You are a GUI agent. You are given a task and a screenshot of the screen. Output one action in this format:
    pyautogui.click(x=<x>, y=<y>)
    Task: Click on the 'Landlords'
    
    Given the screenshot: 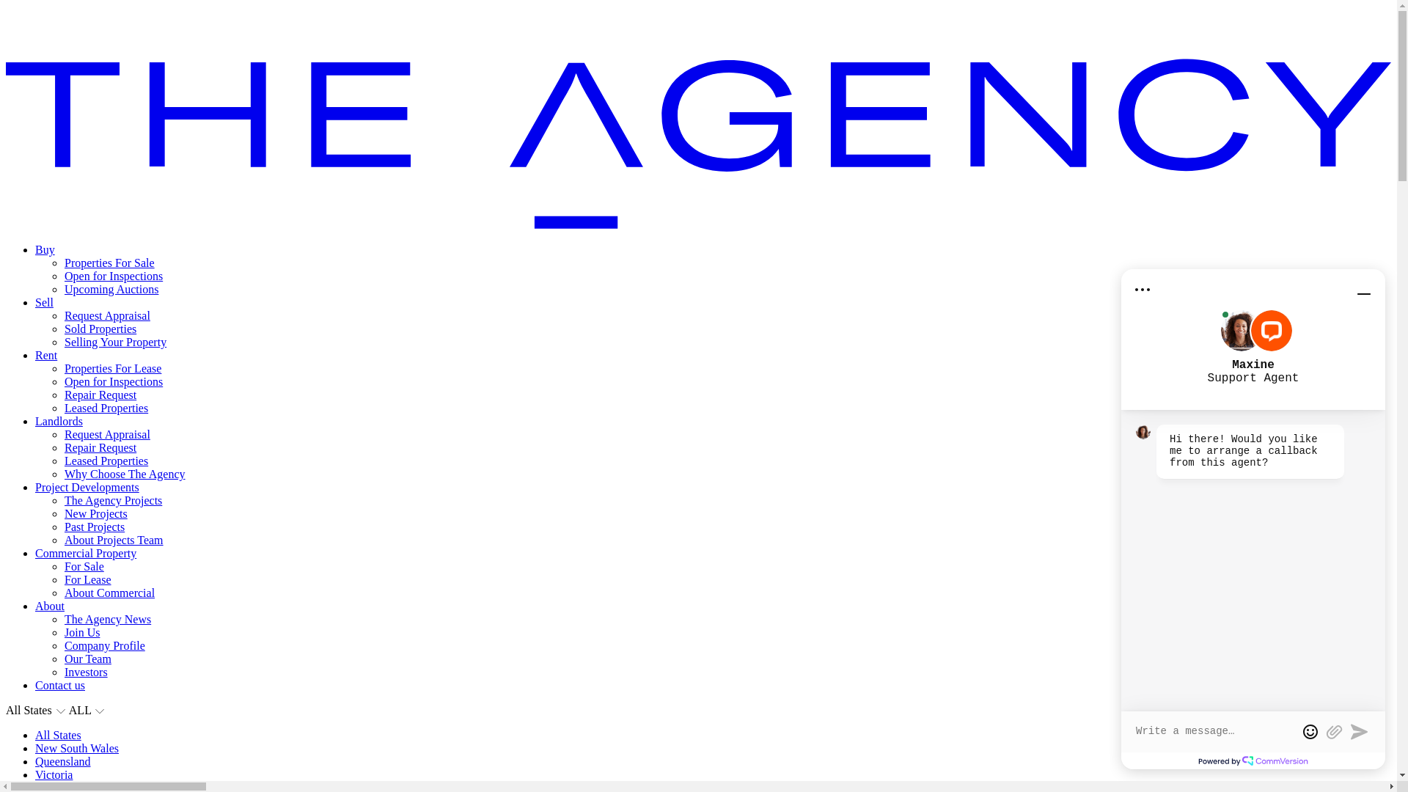 What is the action you would take?
    pyautogui.click(x=59, y=421)
    